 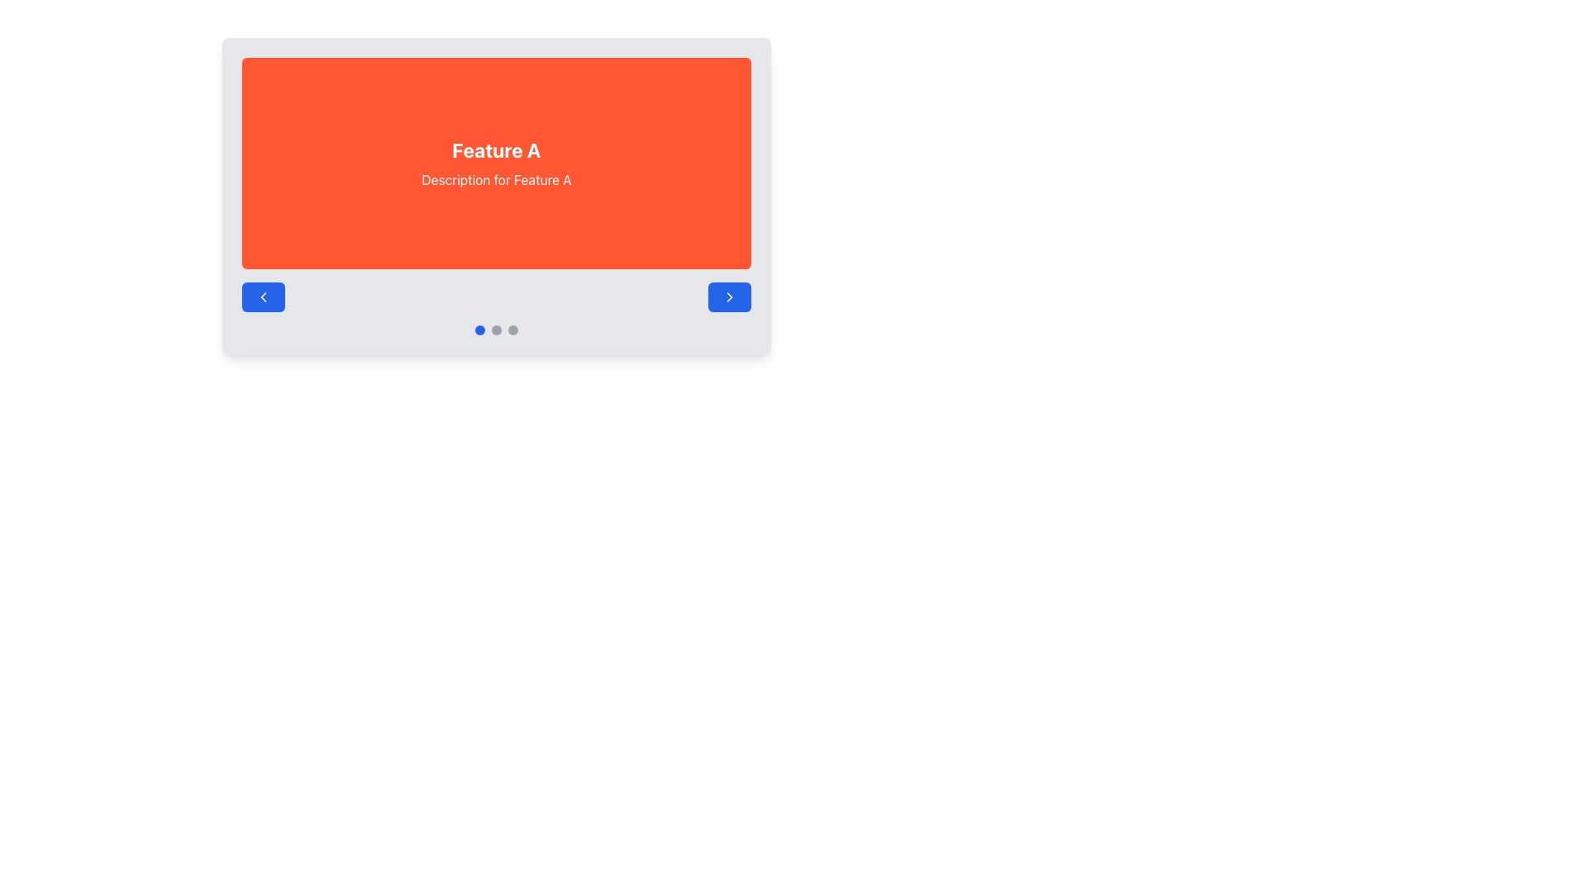 I want to click on the second circular indicator in the carousel navigation, located between a blue-filled indicator and a gray-filled indicator, to visually highlight it, so click(x=495, y=330).